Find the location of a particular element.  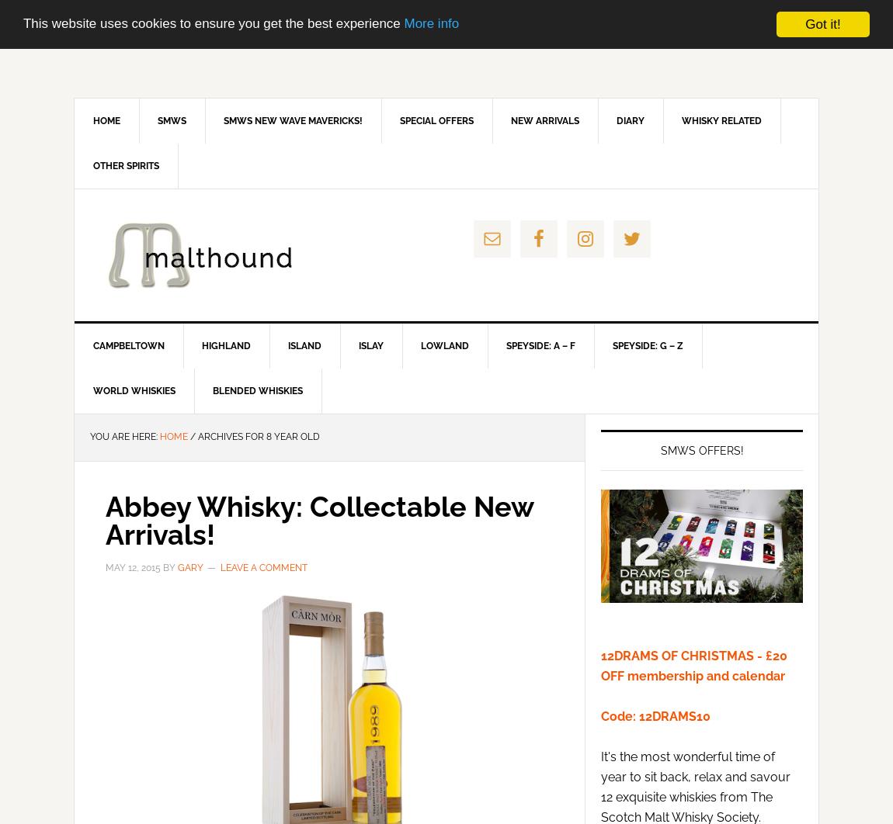

'Special Offers' is located at coordinates (436, 121).